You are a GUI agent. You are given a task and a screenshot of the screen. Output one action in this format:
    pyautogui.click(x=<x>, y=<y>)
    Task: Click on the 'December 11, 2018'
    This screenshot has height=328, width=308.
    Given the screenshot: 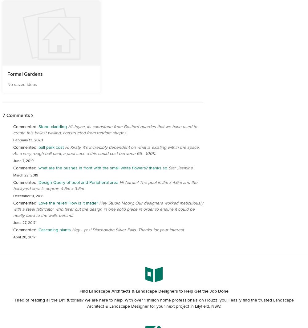 What is the action you would take?
    pyautogui.click(x=28, y=196)
    